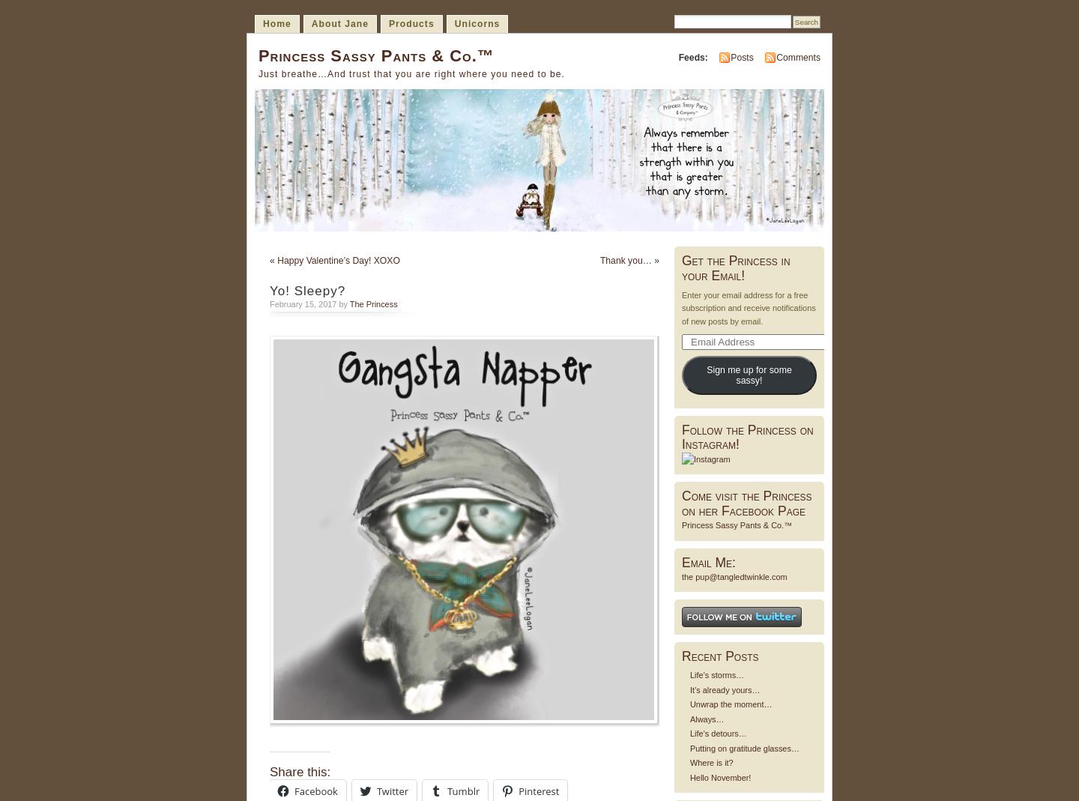  Describe the element at coordinates (734, 576) in the screenshot. I see `'the pup@tangledtwinkle.com'` at that location.